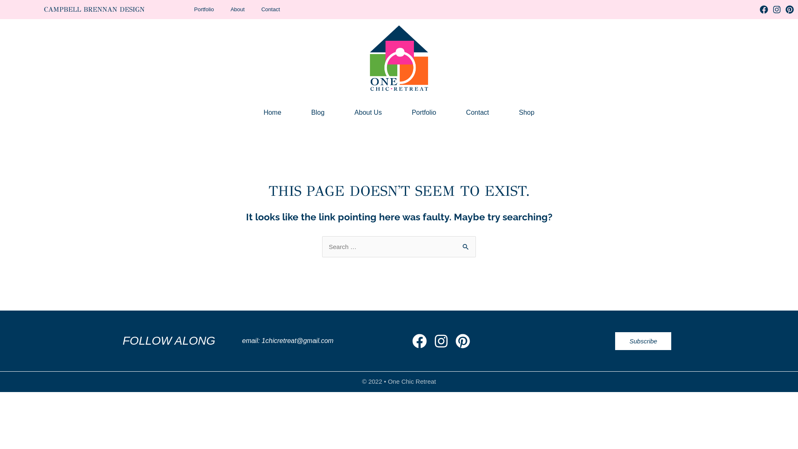  What do you see at coordinates (272, 112) in the screenshot?
I see `'Home'` at bounding box center [272, 112].